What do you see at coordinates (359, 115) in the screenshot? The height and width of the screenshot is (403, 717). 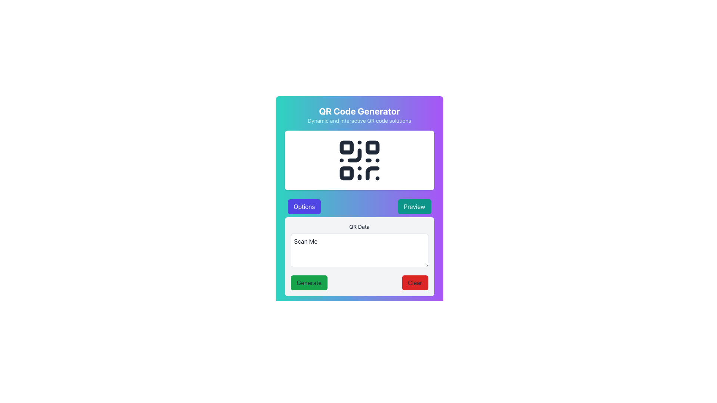 I see `text of the header element labeled 'QR Code Generator' with the subtitle 'Dynamic and interactive QR code solutions.'` at bounding box center [359, 115].